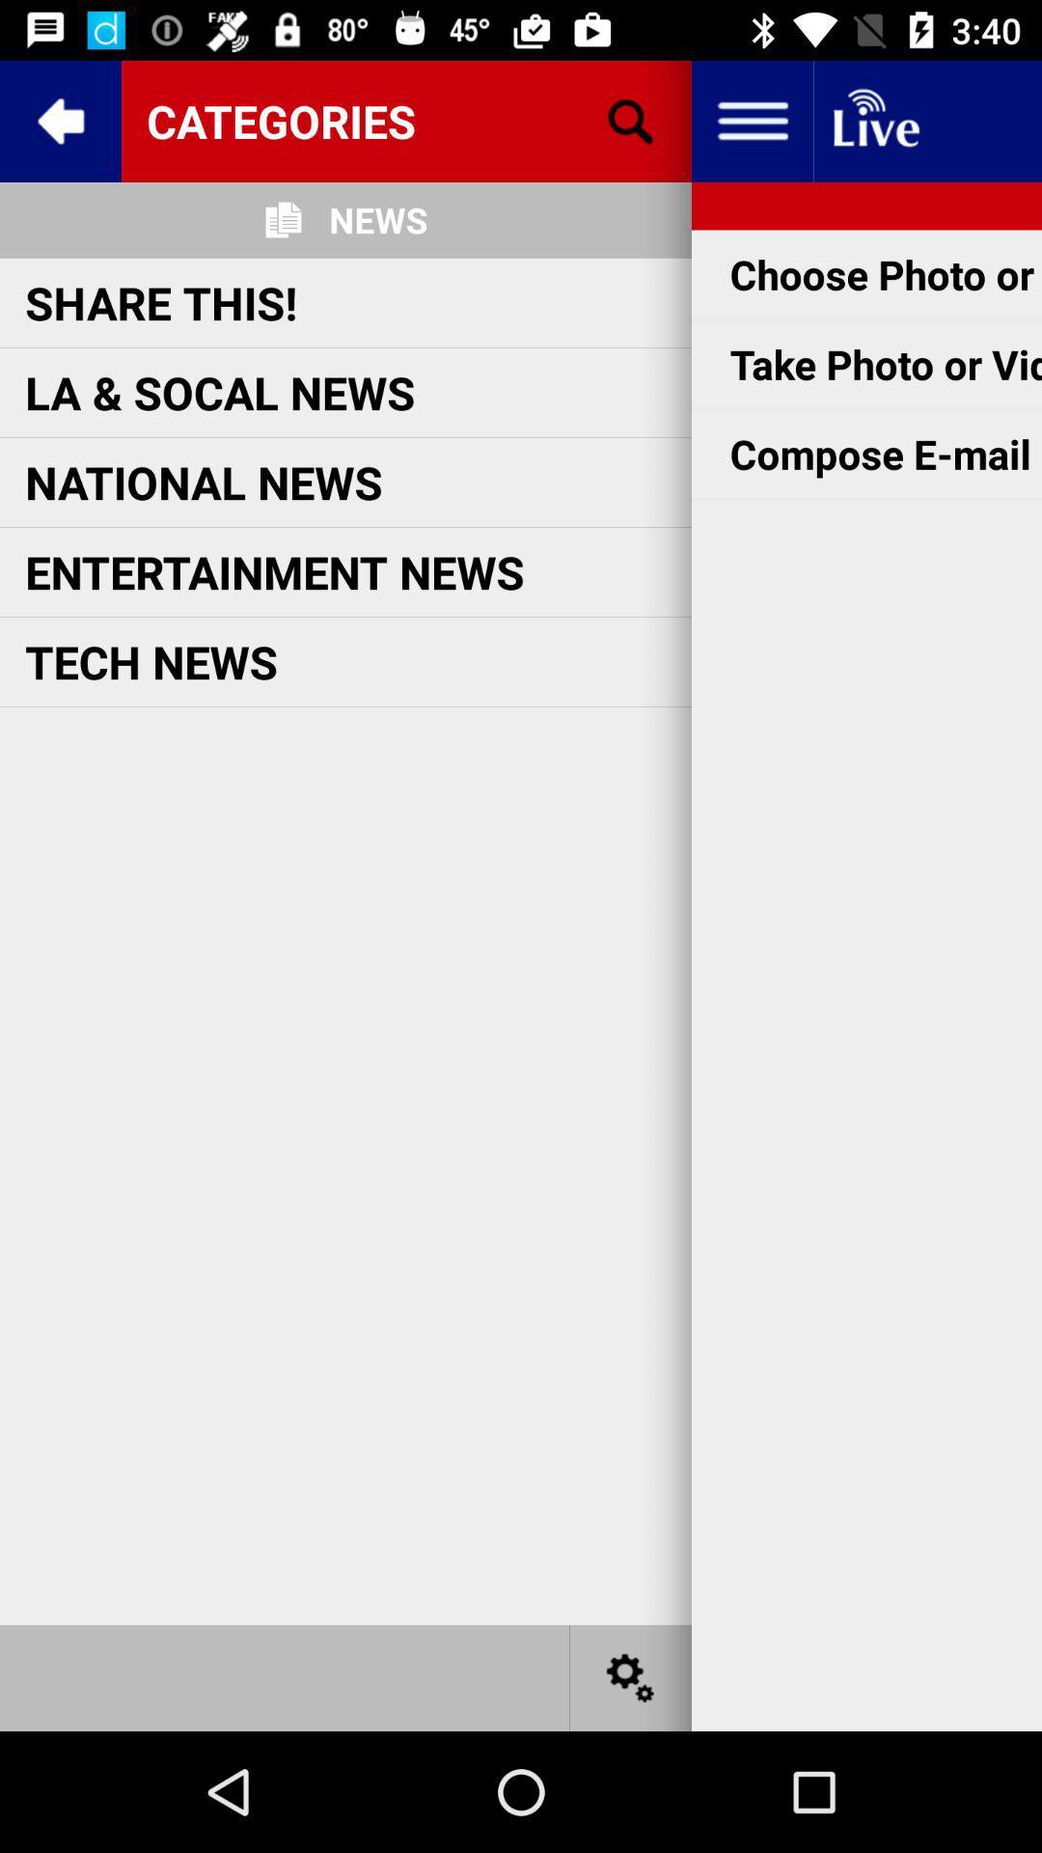  Describe the element at coordinates (631, 120) in the screenshot. I see `to search` at that location.